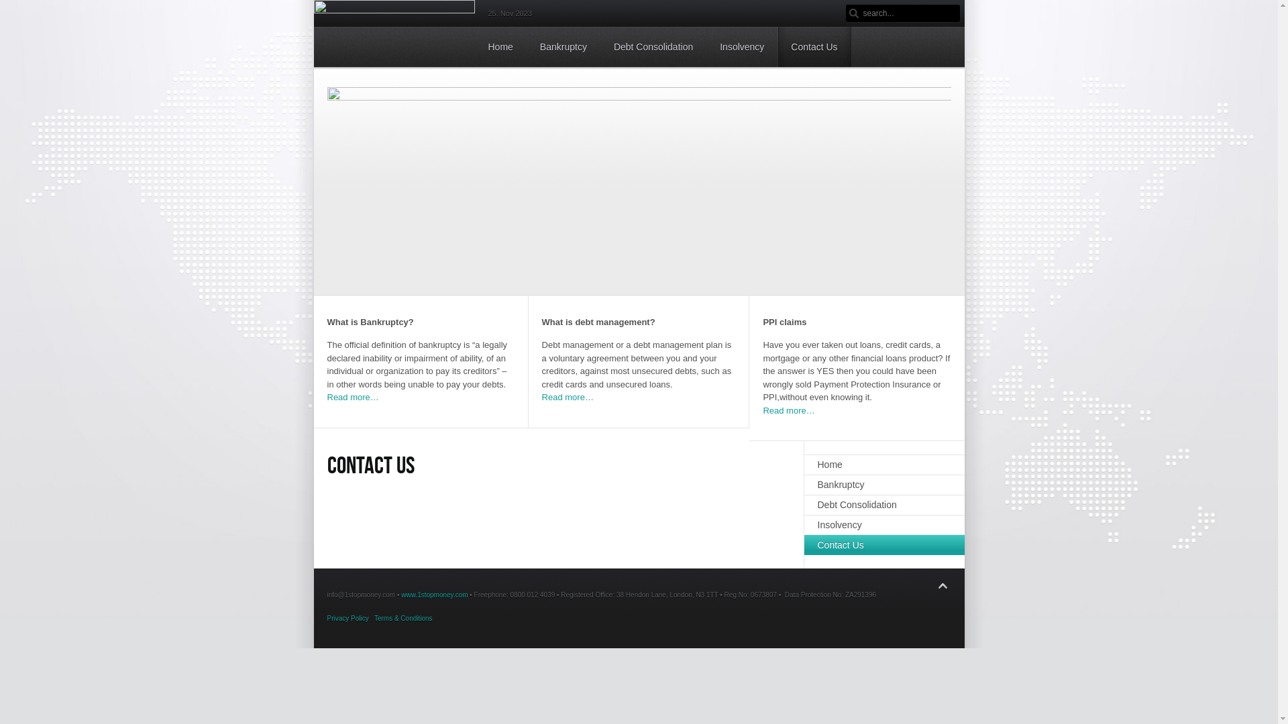 The height and width of the screenshot is (724, 1288). What do you see at coordinates (347, 618) in the screenshot?
I see `'Privacy Policy'` at bounding box center [347, 618].